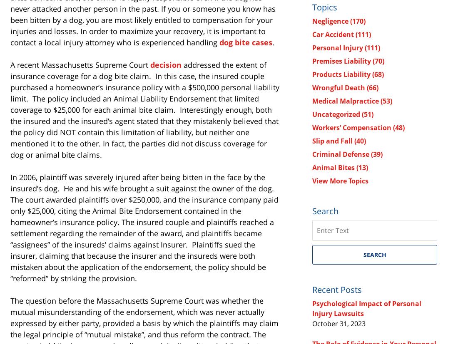  Describe the element at coordinates (360, 140) in the screenshot. I see `'(40)'` at that location.